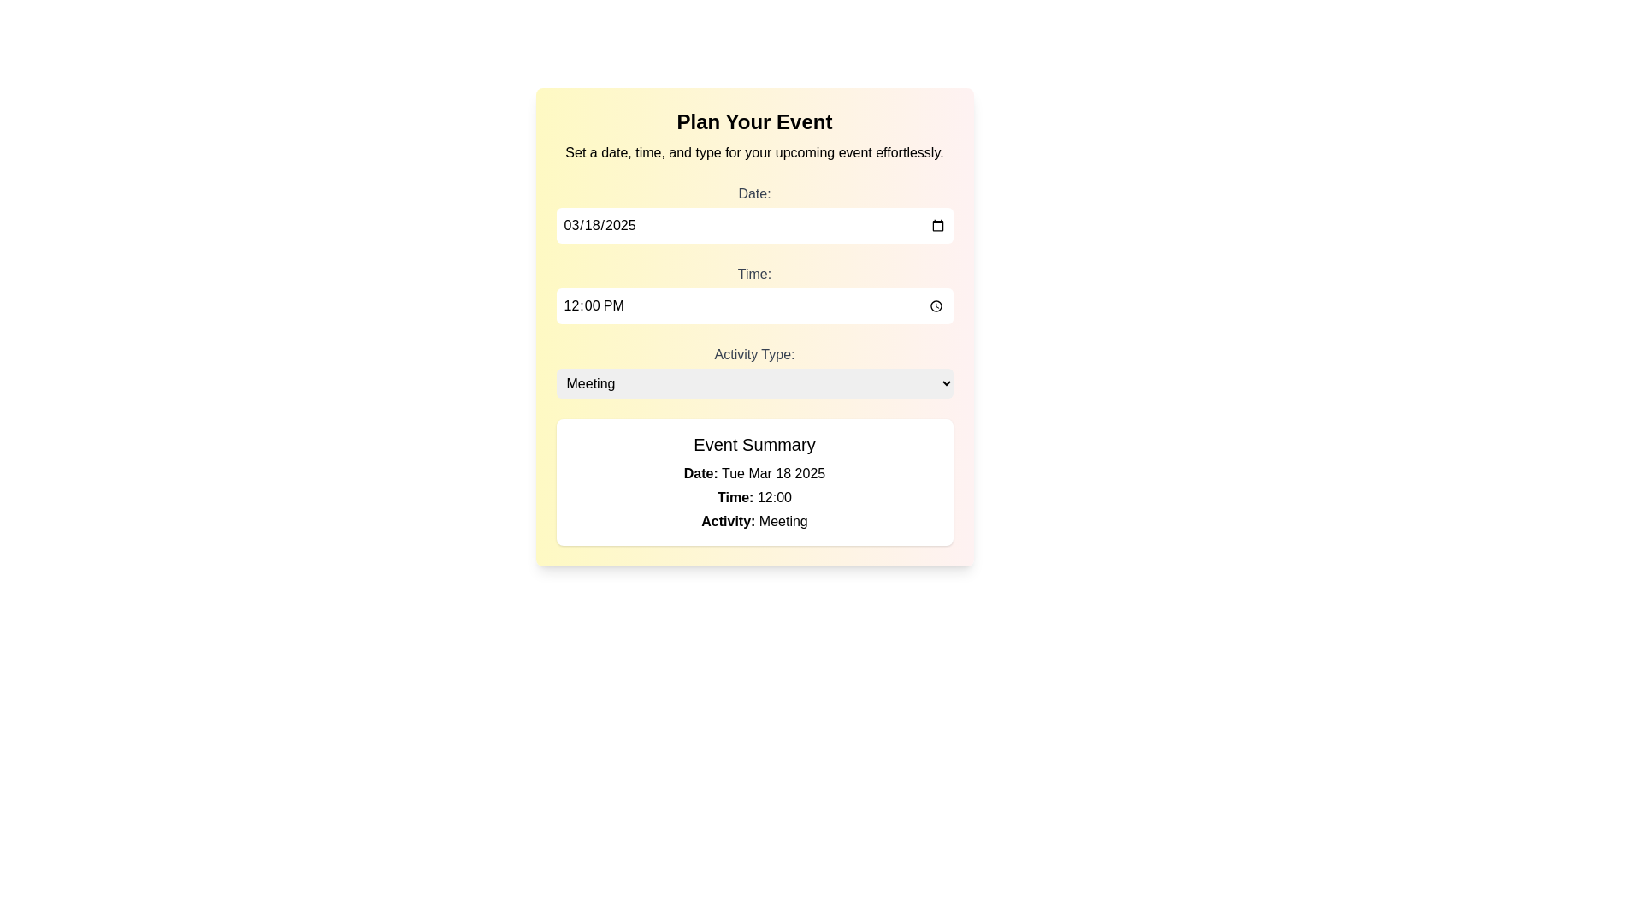  Describe the element at coordinates (753, 273) in the screenshot. I see `label that displays the word 'Time:' styled with a gray font color and medium font weight, located above a time input field` at that location.